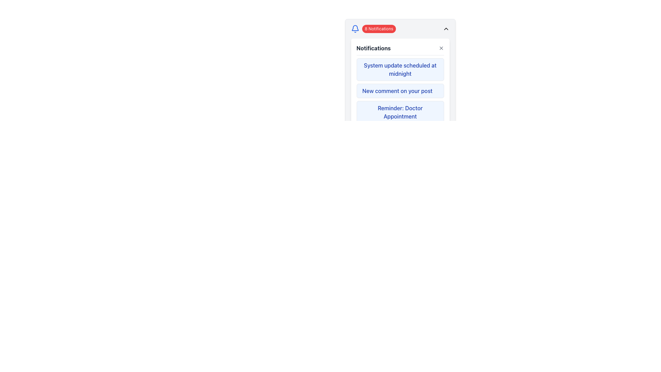 The height and width of the screenshot is (372, 661). I want to click on the close button located at the top-right corner of the notification panel, which dismisses the notifications interface, so click(441, 48).